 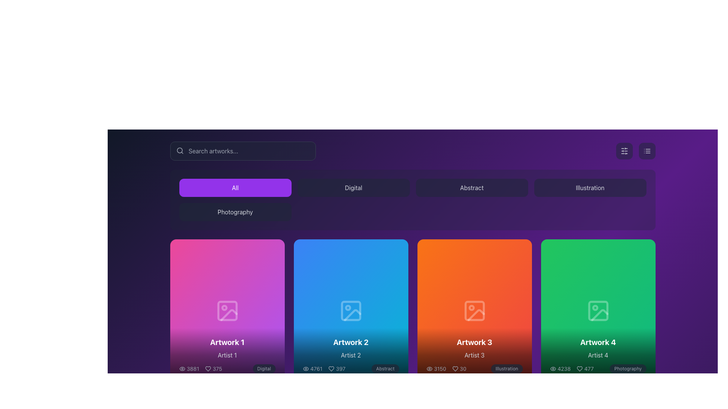 What do you see at coordinates (179, 150) in the screenshot?
I see `the decorative search icon located on the left side of the search bar, adjacent to the placeholder text 'Search artworks...'` at bounding box center [179, 150].